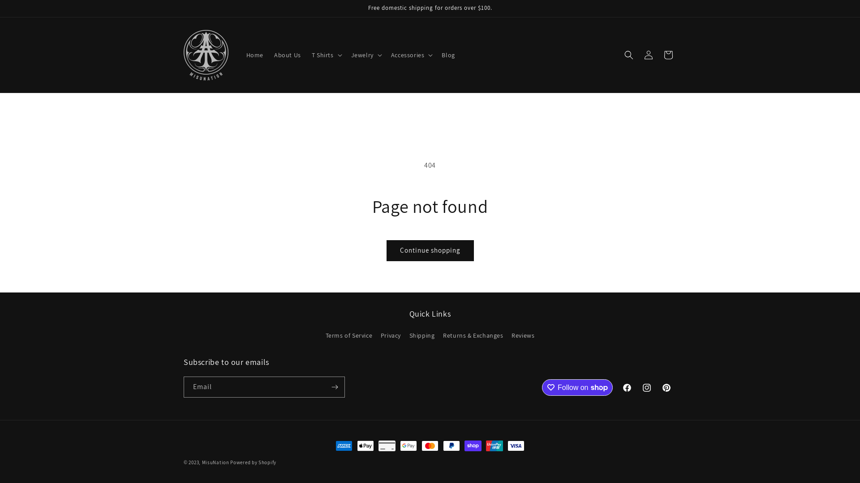 This screenshot has height=483, width=860. What do you see at coordinates (421, 335) in the screenshot?
I see `'Shipping'` at bounding box center [421, 335].